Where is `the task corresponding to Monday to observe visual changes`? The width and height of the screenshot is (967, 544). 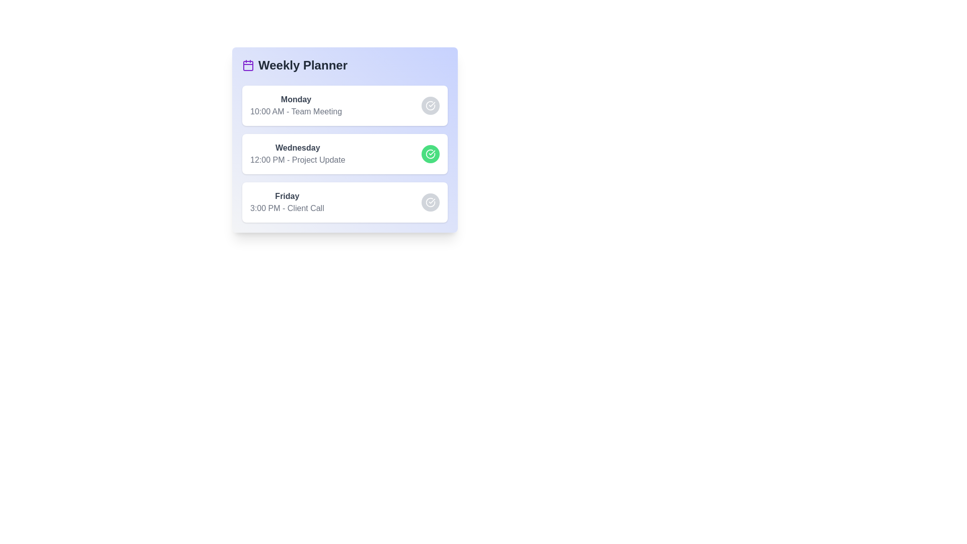 the task corresponding to Monday to observe visual changes is located at coordinates (345, 105).